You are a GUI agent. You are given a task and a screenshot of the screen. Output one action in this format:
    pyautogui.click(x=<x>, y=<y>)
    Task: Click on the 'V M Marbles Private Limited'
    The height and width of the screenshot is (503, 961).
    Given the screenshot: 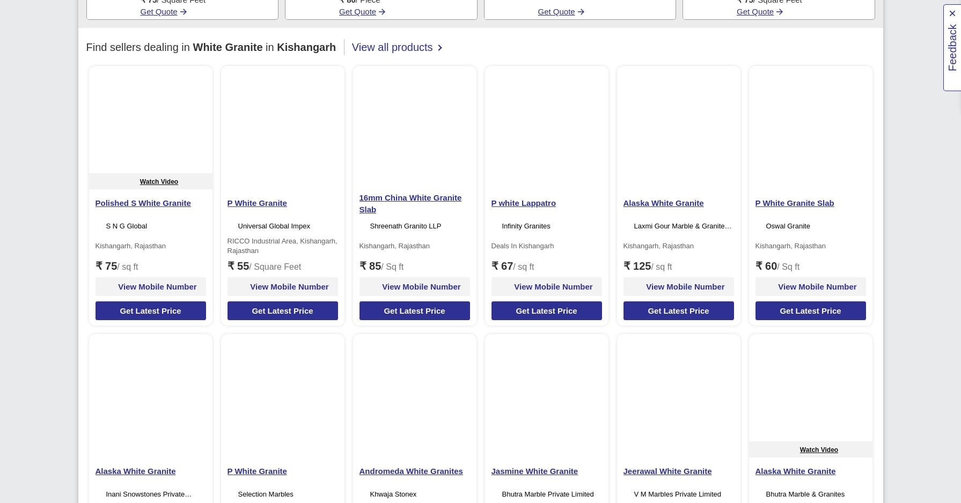 What is the action you would take?
    pyautogui.click(x=677, y=493)
    